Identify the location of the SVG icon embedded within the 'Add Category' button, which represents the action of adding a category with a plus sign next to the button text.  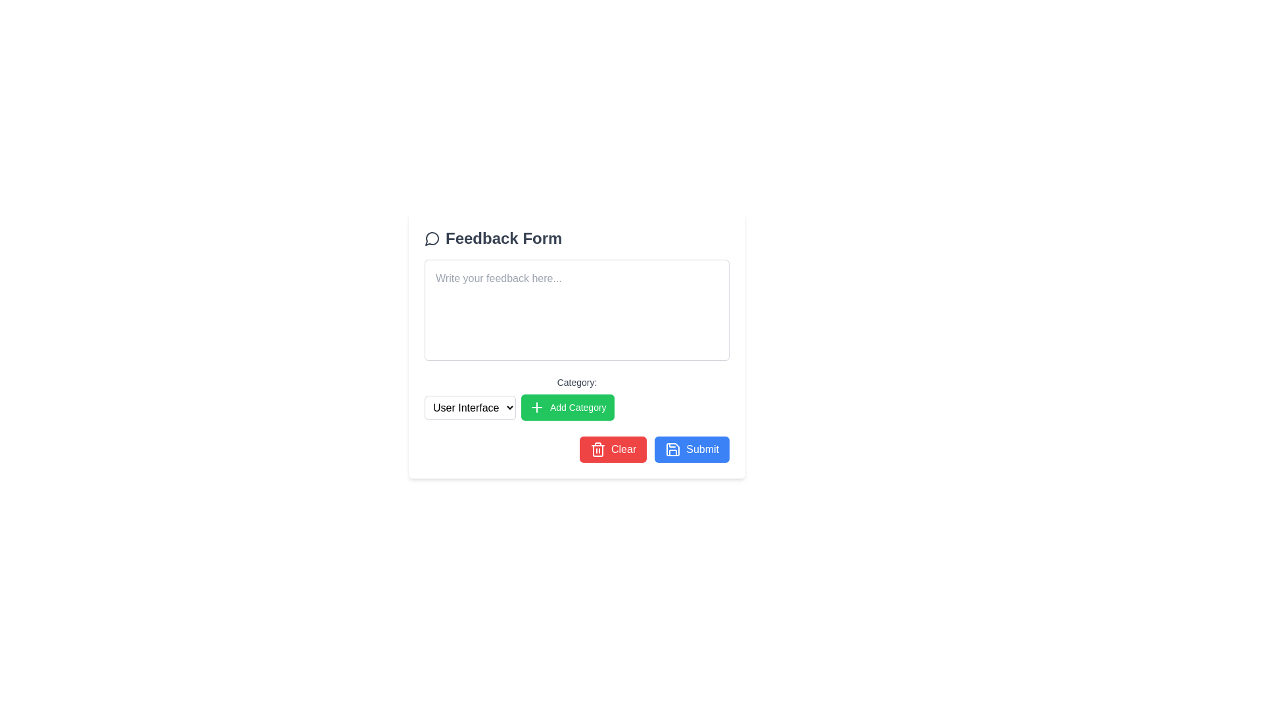
(536, 407).